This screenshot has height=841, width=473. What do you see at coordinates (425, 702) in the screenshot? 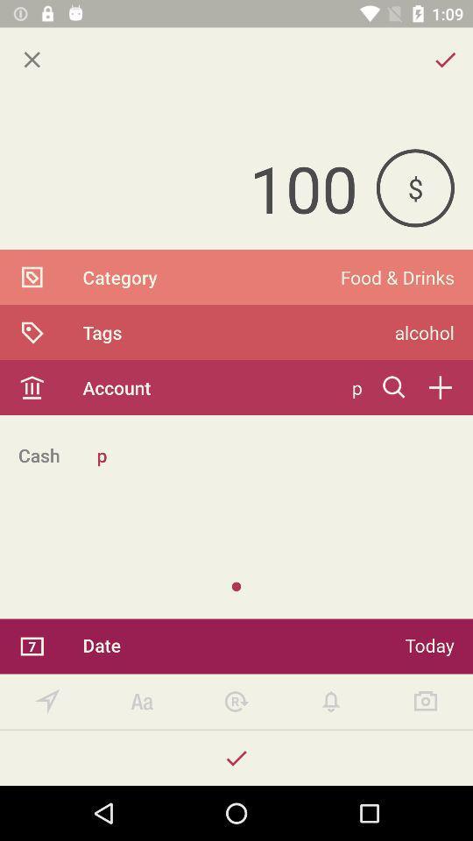
I see `take a picture` at bounding box center [425, 702].